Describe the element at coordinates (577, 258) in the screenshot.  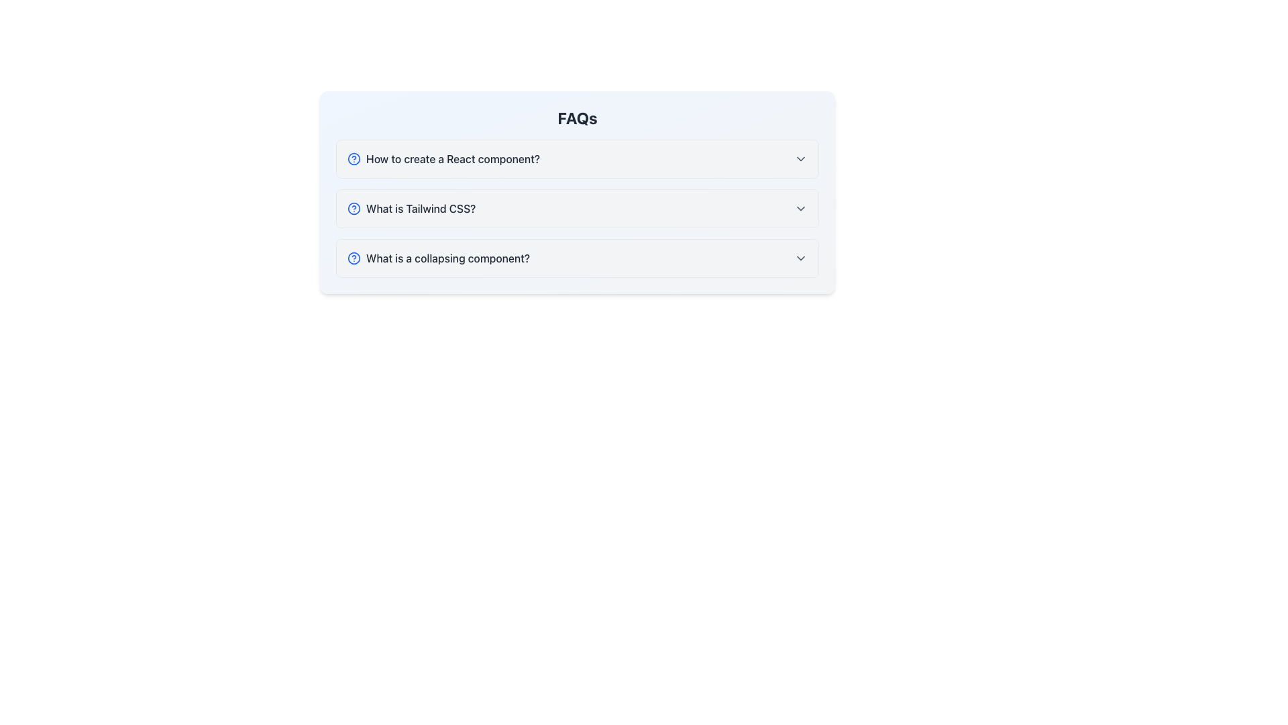
I see `the Collapsible FAQ item related to 'What is a collapsing component?' to interact with it` at that location.